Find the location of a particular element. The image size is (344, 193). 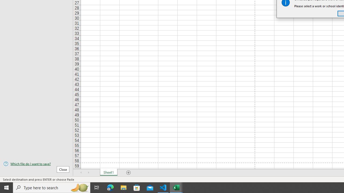

'Microsoft Edge' is located at coordinates (110, 187).